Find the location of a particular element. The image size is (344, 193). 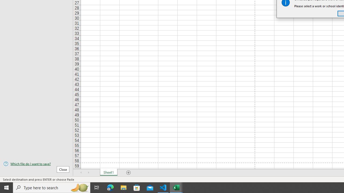

'Microsoft Edge' is located at coordinates (110, 187).